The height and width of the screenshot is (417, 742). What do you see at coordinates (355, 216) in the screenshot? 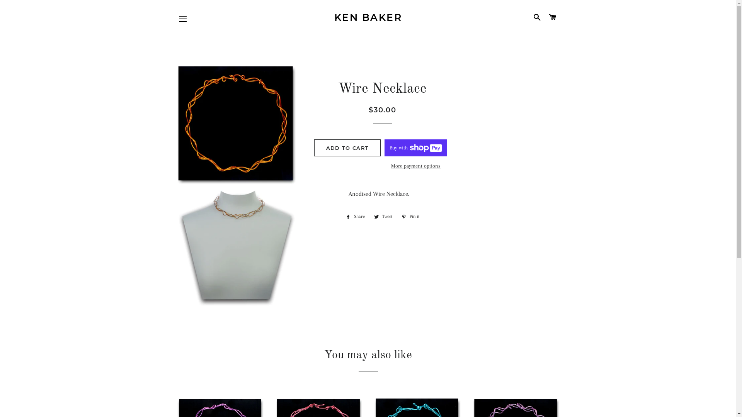
I see `'Share` at bounding box center [355, 216].